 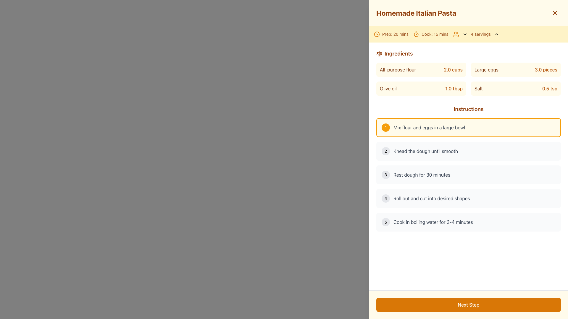 I want to click on instructional text label located in the fifth cooking step, positioned below the fourth step and above the 'Next Step' button, so click(x=433, y=222).